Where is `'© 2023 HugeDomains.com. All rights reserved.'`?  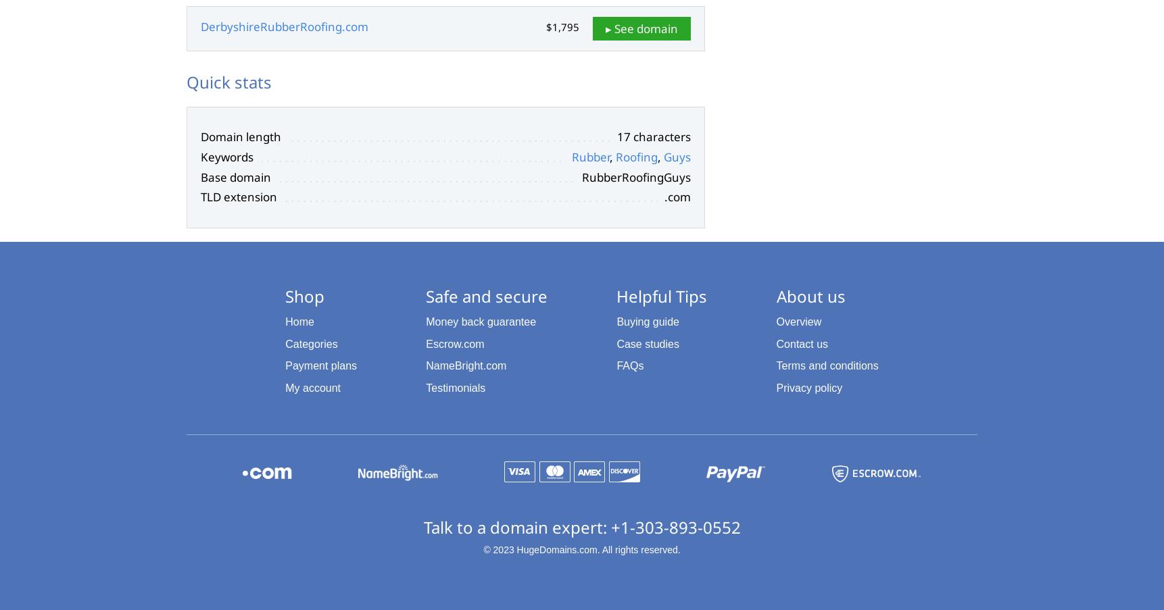
'© 2023 HugeDomains.com. All rights reserved.' is located at coordinates (581, 548).